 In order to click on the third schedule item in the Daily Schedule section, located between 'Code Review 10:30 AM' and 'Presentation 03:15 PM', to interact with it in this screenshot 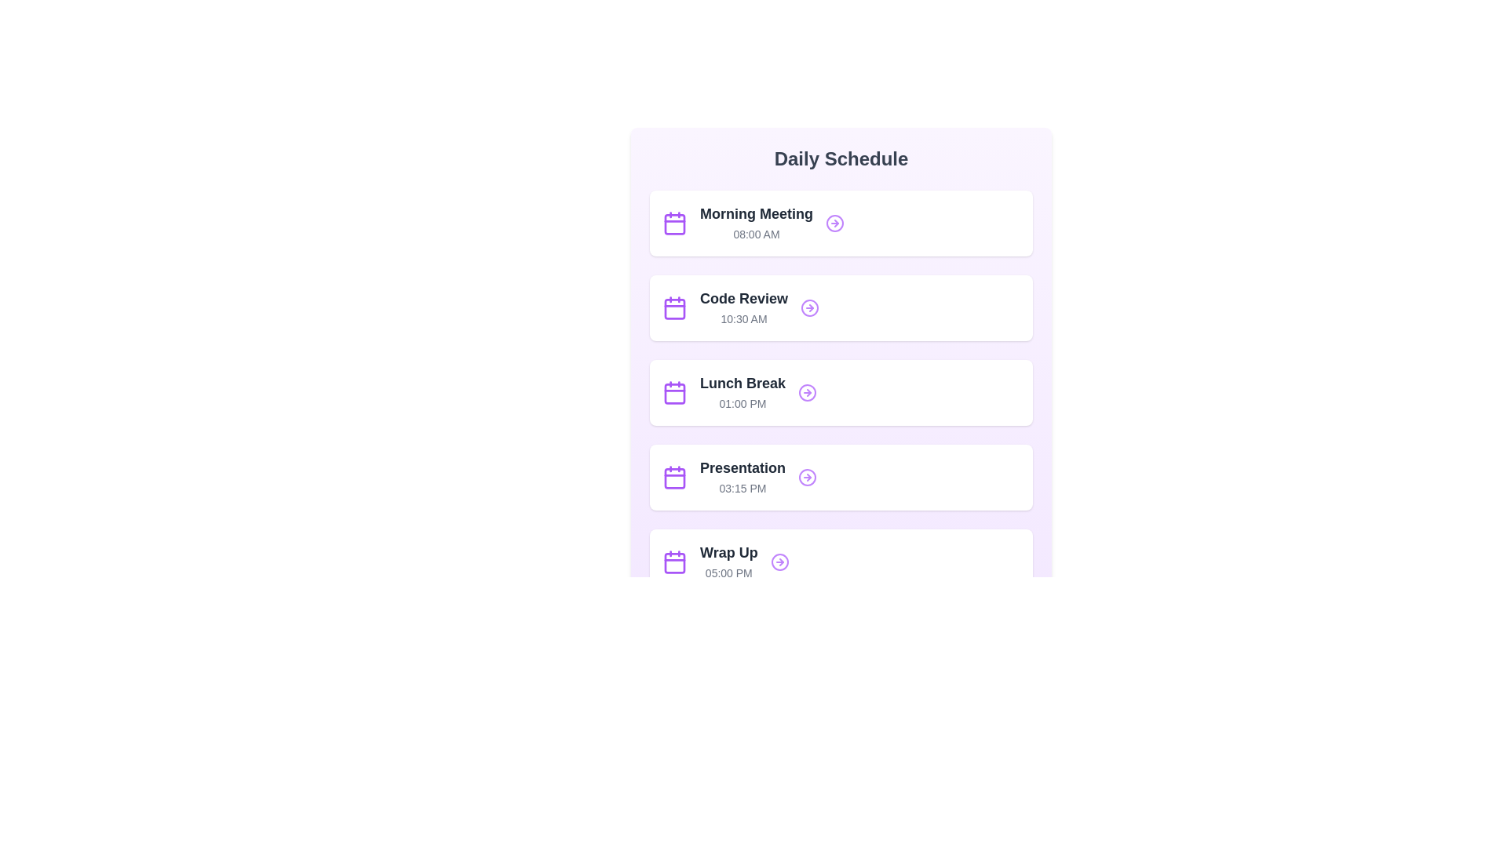, I will do `click(840, 392)`.